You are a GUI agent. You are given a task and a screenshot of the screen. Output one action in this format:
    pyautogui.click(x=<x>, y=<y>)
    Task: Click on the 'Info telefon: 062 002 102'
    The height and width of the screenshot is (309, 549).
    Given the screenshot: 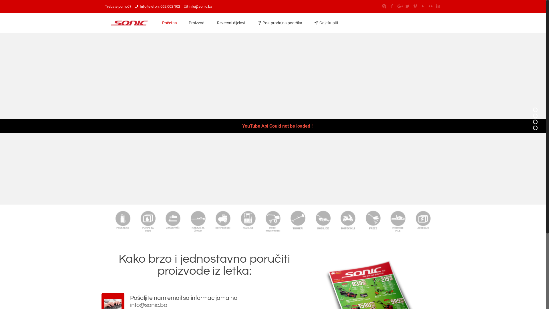 What is the action you would take?
    pyautogui.click(x=140, y=6)
    